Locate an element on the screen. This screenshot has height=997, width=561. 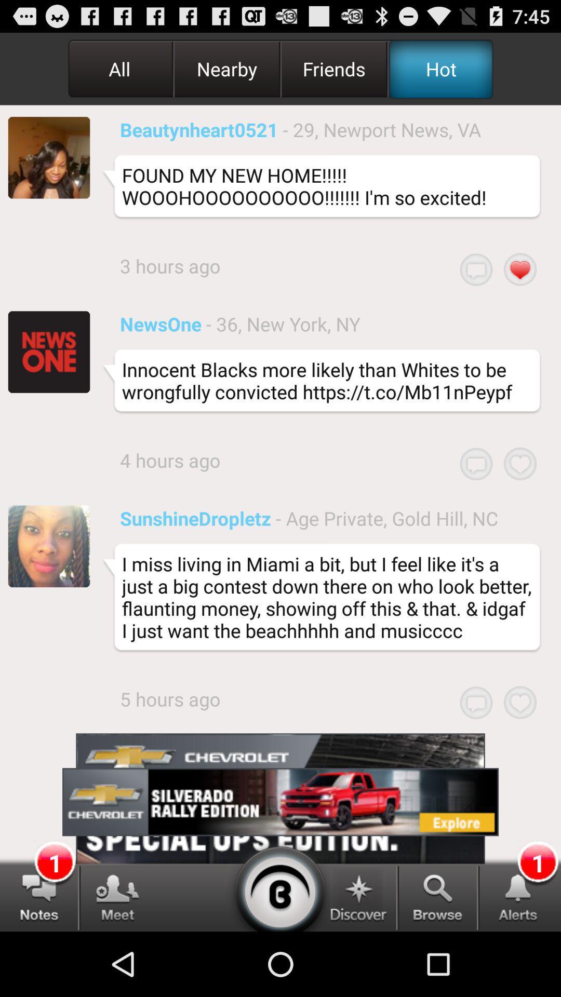
the chat icon is located at coordinates (38, 960).